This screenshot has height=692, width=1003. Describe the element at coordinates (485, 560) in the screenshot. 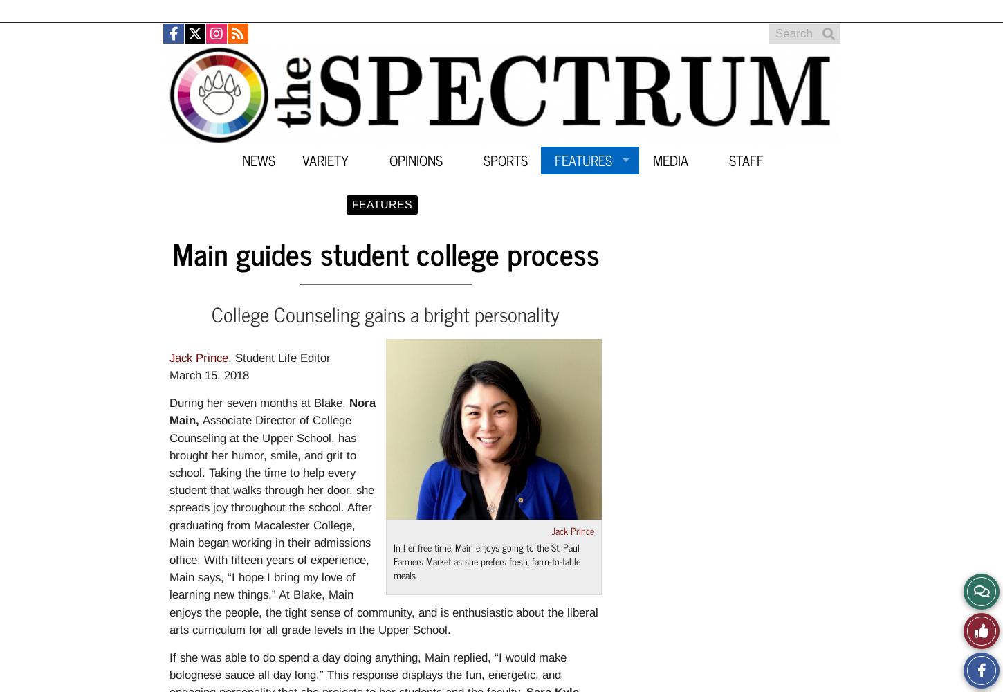

I see `'In her free time, Main enjoys going to the St. Paul Farmers Market as she prefers fresh, farm-to-table meals.'` at that location.